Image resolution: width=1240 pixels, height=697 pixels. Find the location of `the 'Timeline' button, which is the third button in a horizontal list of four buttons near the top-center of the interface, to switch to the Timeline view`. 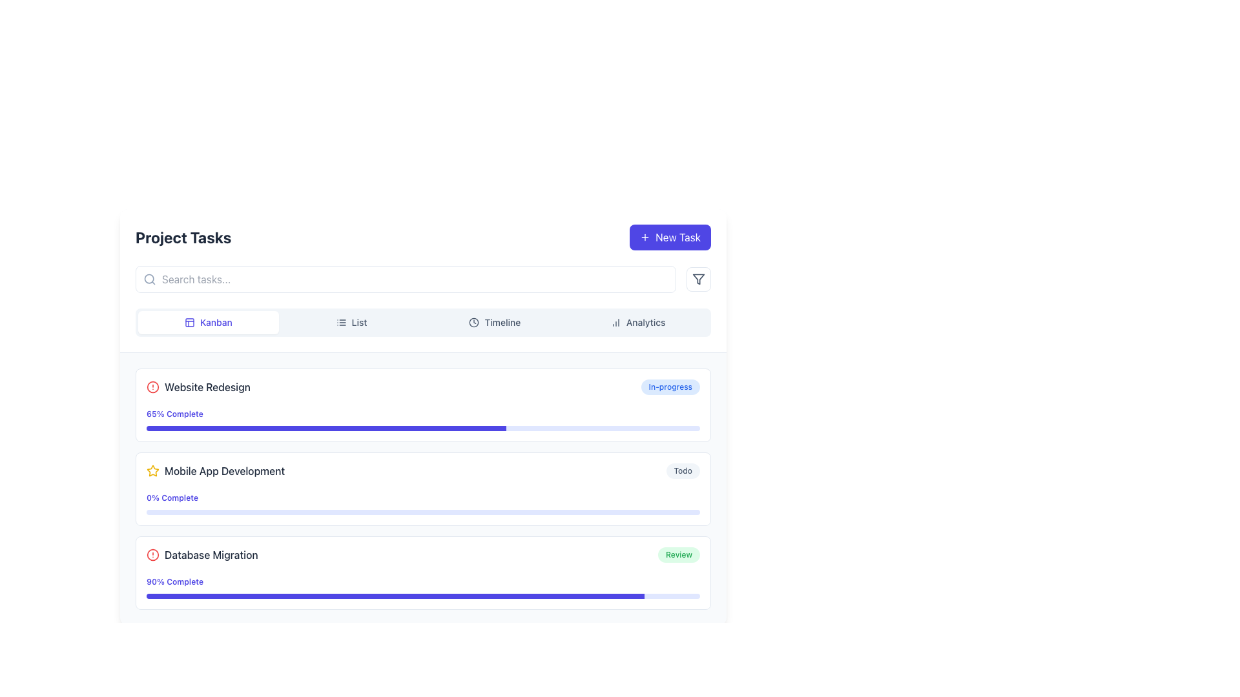

the 'Timeline' button, which is the third button in a horizontal list of four buttons near the top-center of the interface, to switch to the Timeline view is located at coordinates (494, 322).